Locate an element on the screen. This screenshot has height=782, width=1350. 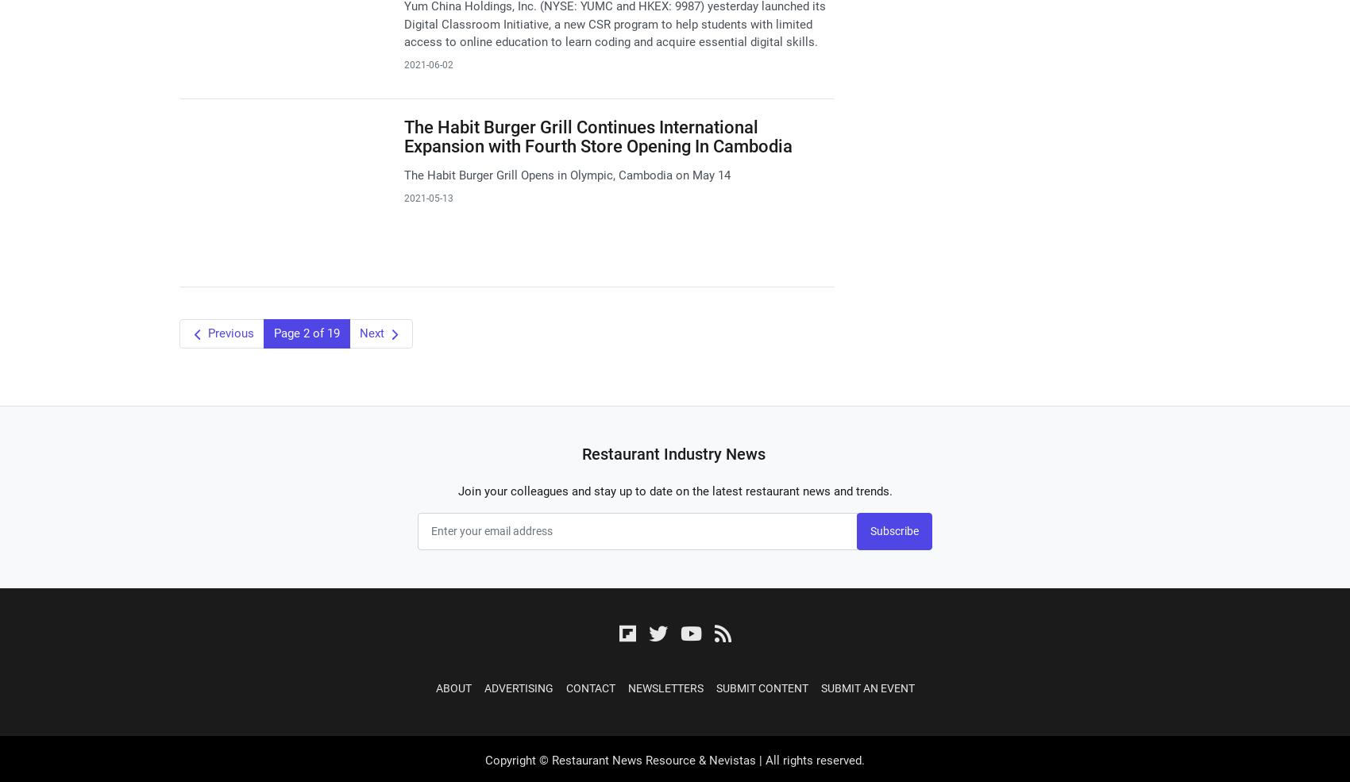
'Advertising' is located at coordinates (518, 687).